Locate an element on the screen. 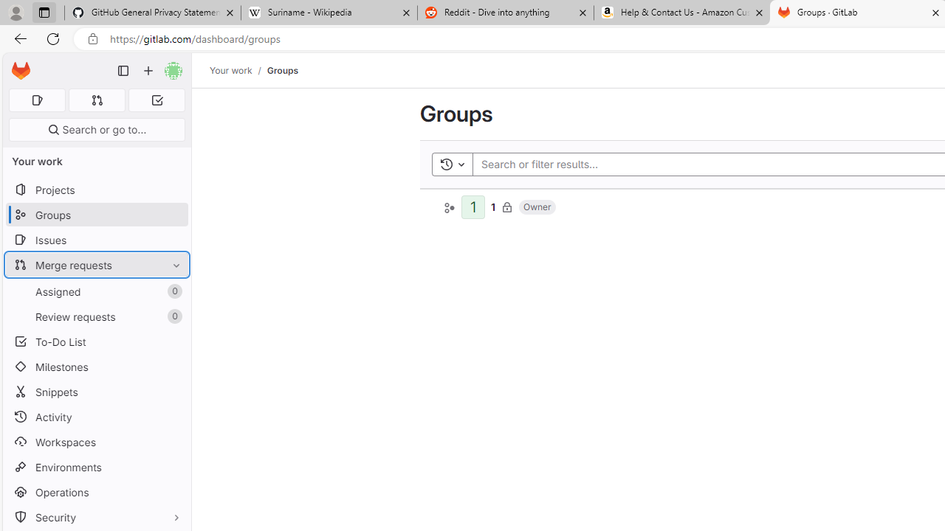 Image resolution: width=945 pixels, height=531 pixels. 'Suriname - Wikipedia' is located at coordinates (328, 13).